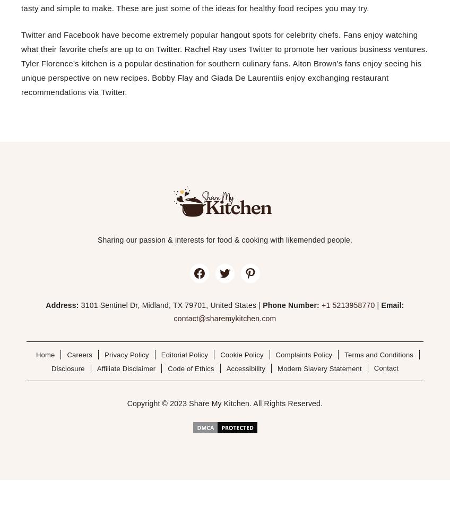 Image resolution: width=450 pixels, height=532 pixels. Describe the element at coordinates (392, 305) in the screenshot. I see `'Email:'` at that location.